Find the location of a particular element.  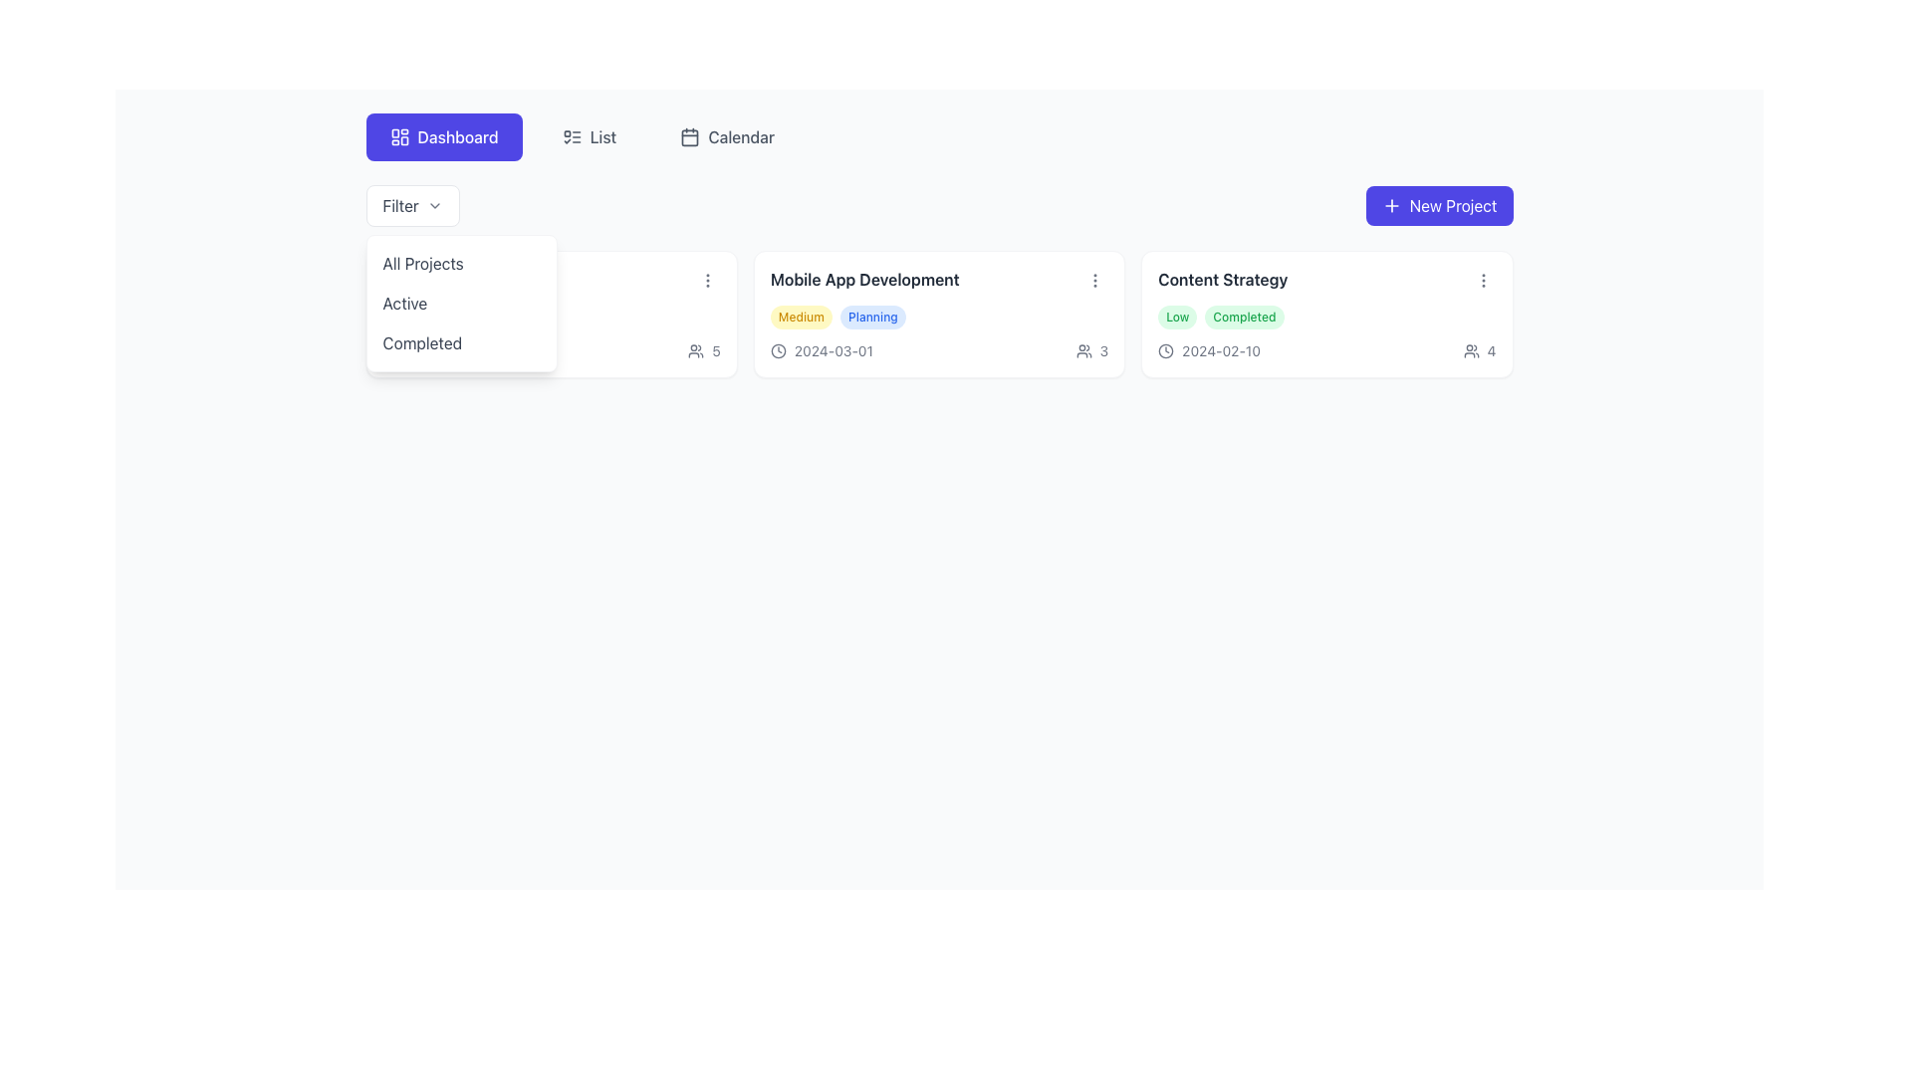

the 'All Projects' dropdown menu option, which is the first item in the dropdown below the 'Filter' button is located at coordinates (460, 263).